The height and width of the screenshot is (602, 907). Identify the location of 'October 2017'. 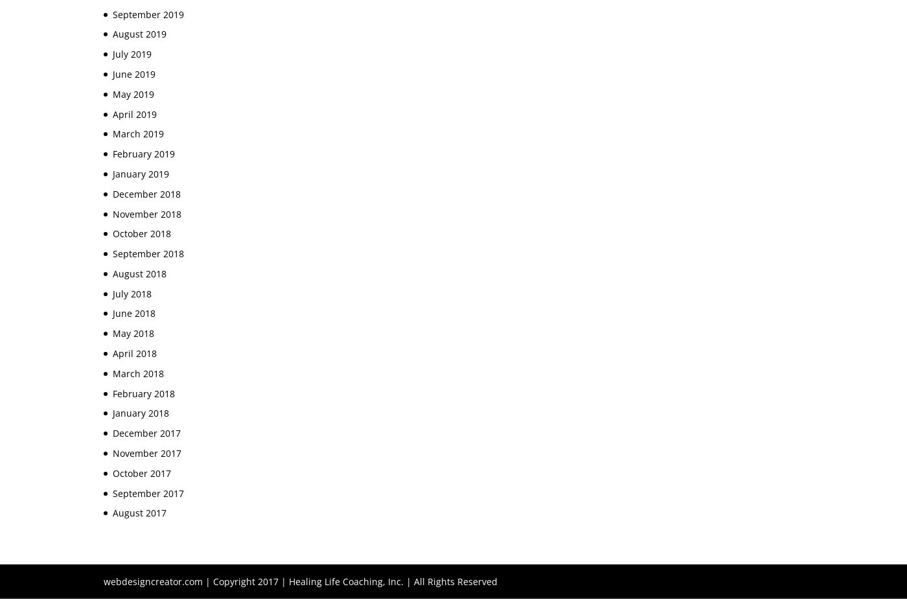
(141, 472).